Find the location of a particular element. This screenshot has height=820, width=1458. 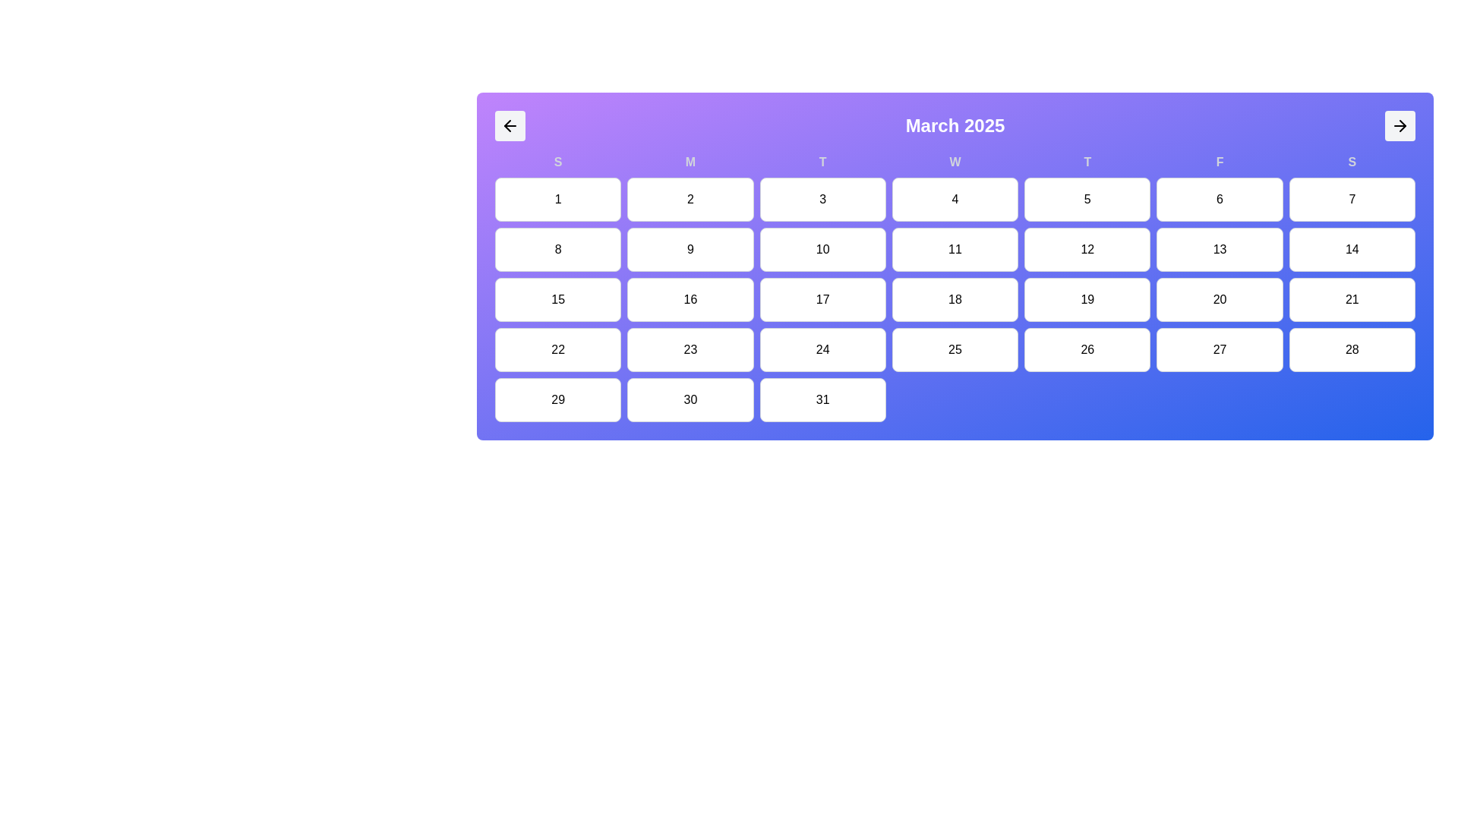

the Calendar day button for March 6th, which is the sixth button in the first row under the 'F' header is located at coordinates (1220, 198).